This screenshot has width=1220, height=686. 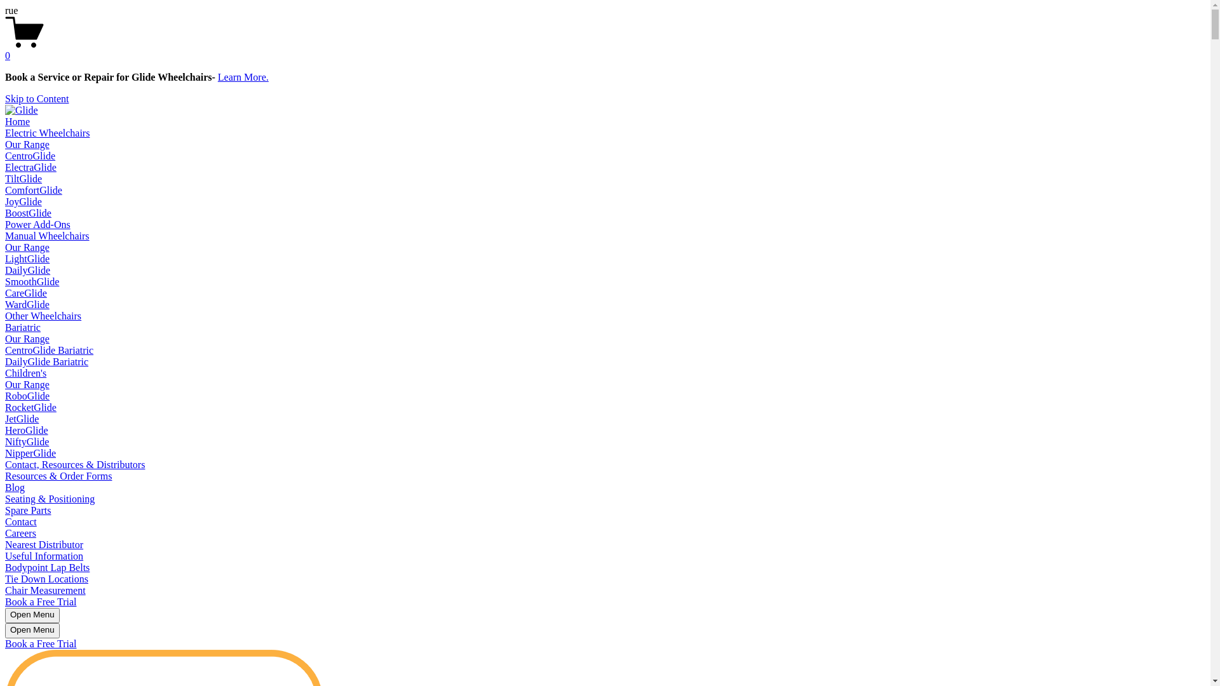 I want to click on 'Useful Information', so click(x=5, y=555).